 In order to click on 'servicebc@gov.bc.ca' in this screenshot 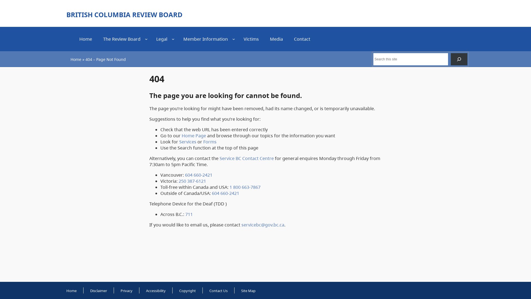, I will do `click(262, 225)`.